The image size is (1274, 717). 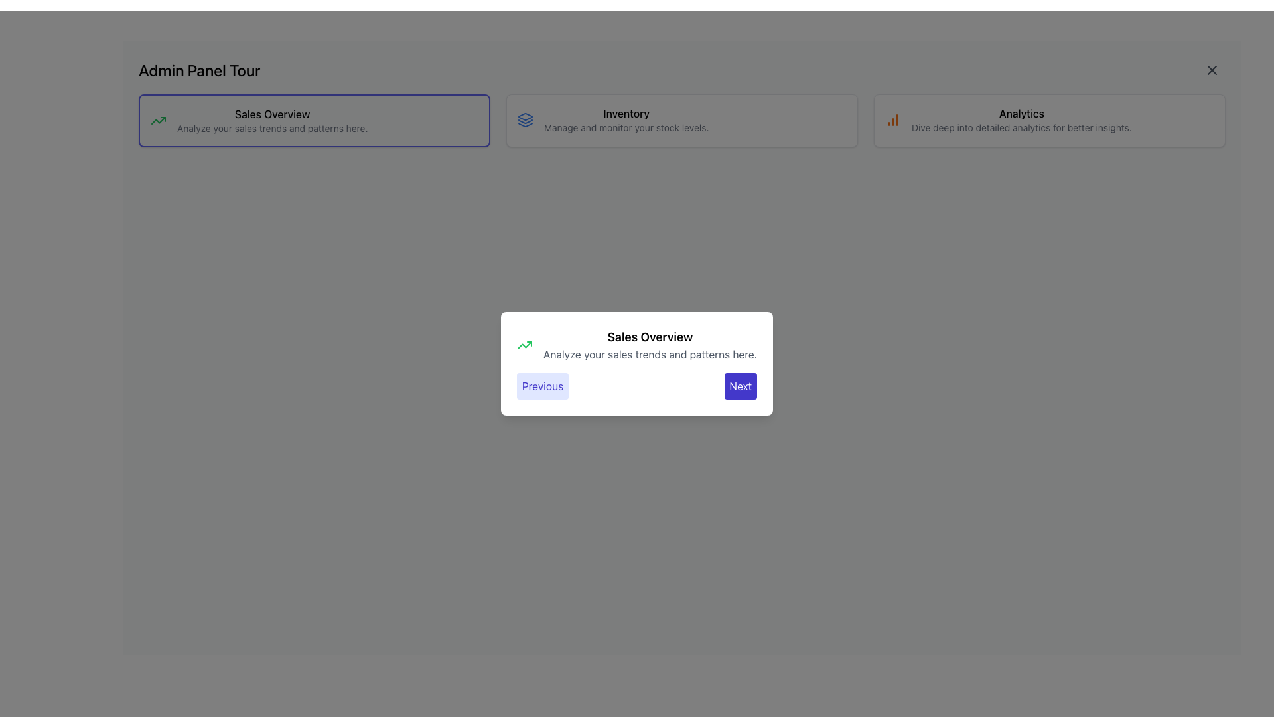 What do you see at coordinates (314, 120) in the screenshot?
I see `the Informational Card located in the top left of the grid layout, which provides insights on sales data and trends` at bounding box center [314, 120].